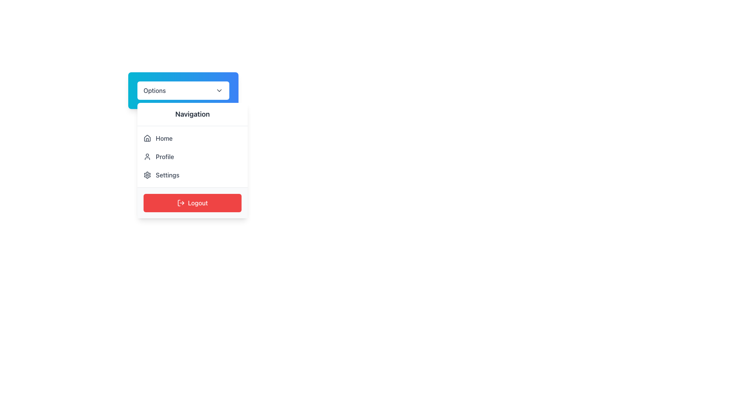 The height and width of the screenshot is (413, 735). Describe the element at coordinates (163, 138) in the screenshot. I see `the 'Home' text label in the vertical navigation menu to navigate to the home section` at that location.